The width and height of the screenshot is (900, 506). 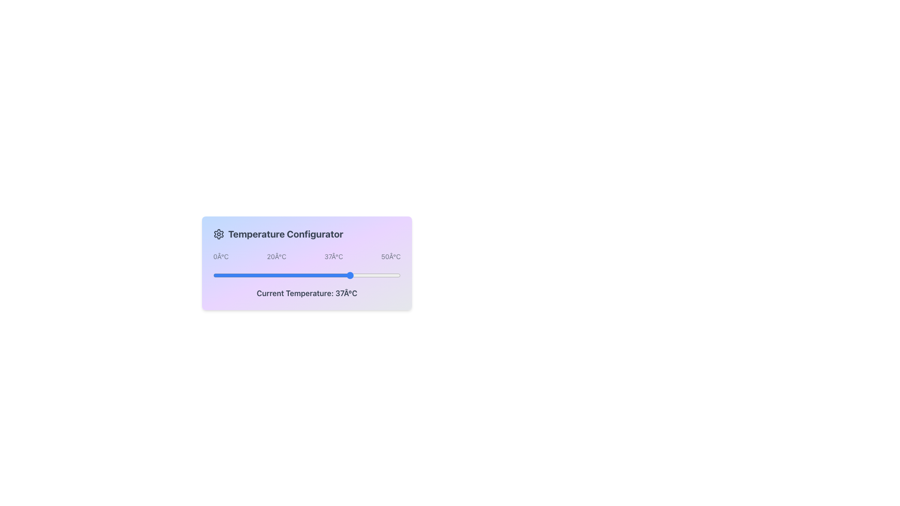 What do you see at coordinates (340, 275) in the screenshot?
I see `the temperature` at bounding box center [340, 275].